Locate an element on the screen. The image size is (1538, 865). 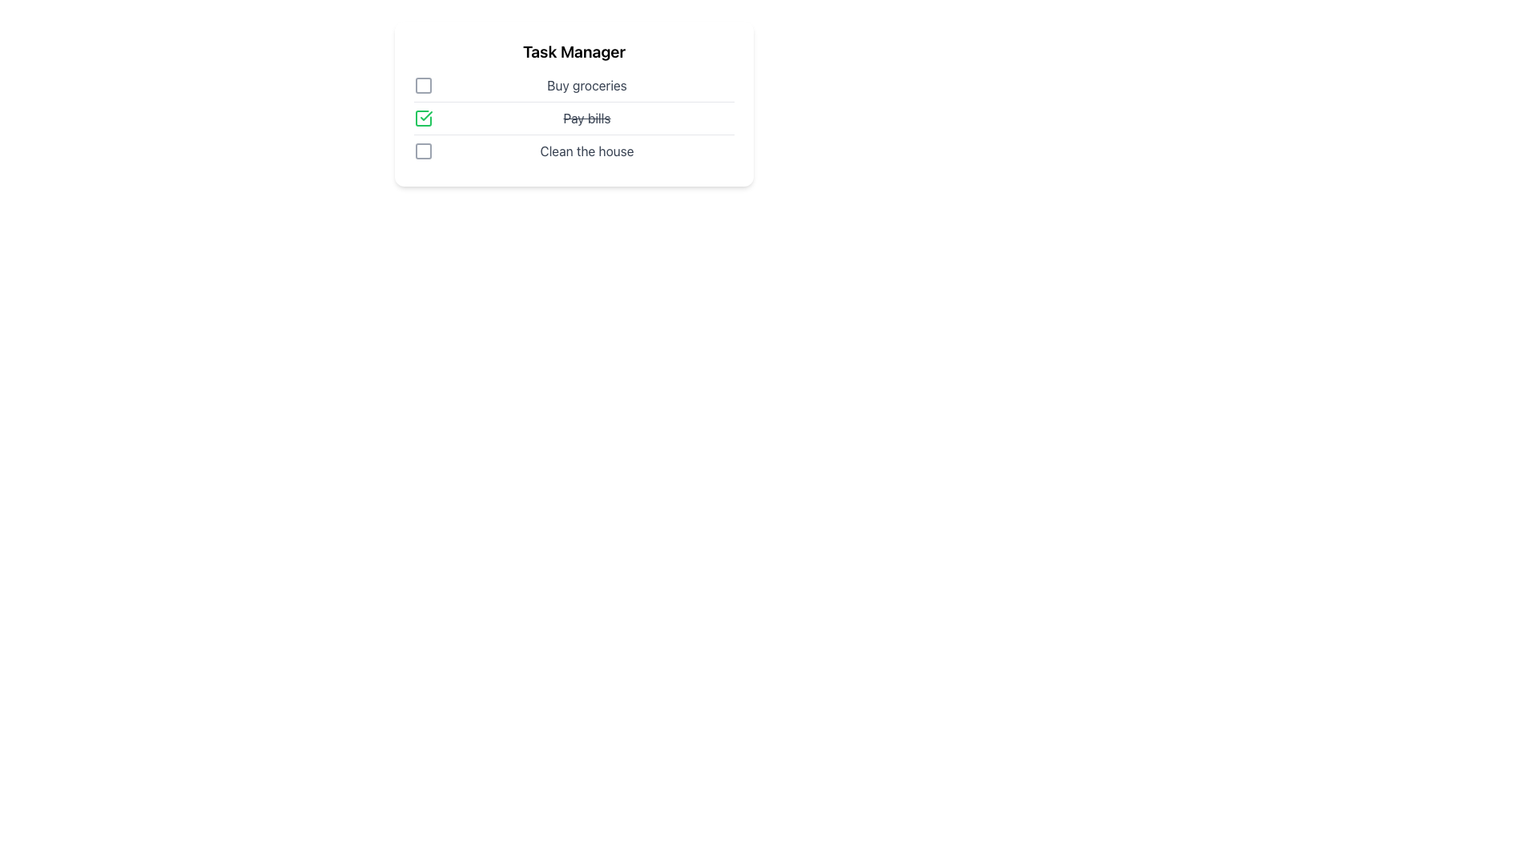
the completed task labeled 'Pay bills' is located at coordinates (574, 120).